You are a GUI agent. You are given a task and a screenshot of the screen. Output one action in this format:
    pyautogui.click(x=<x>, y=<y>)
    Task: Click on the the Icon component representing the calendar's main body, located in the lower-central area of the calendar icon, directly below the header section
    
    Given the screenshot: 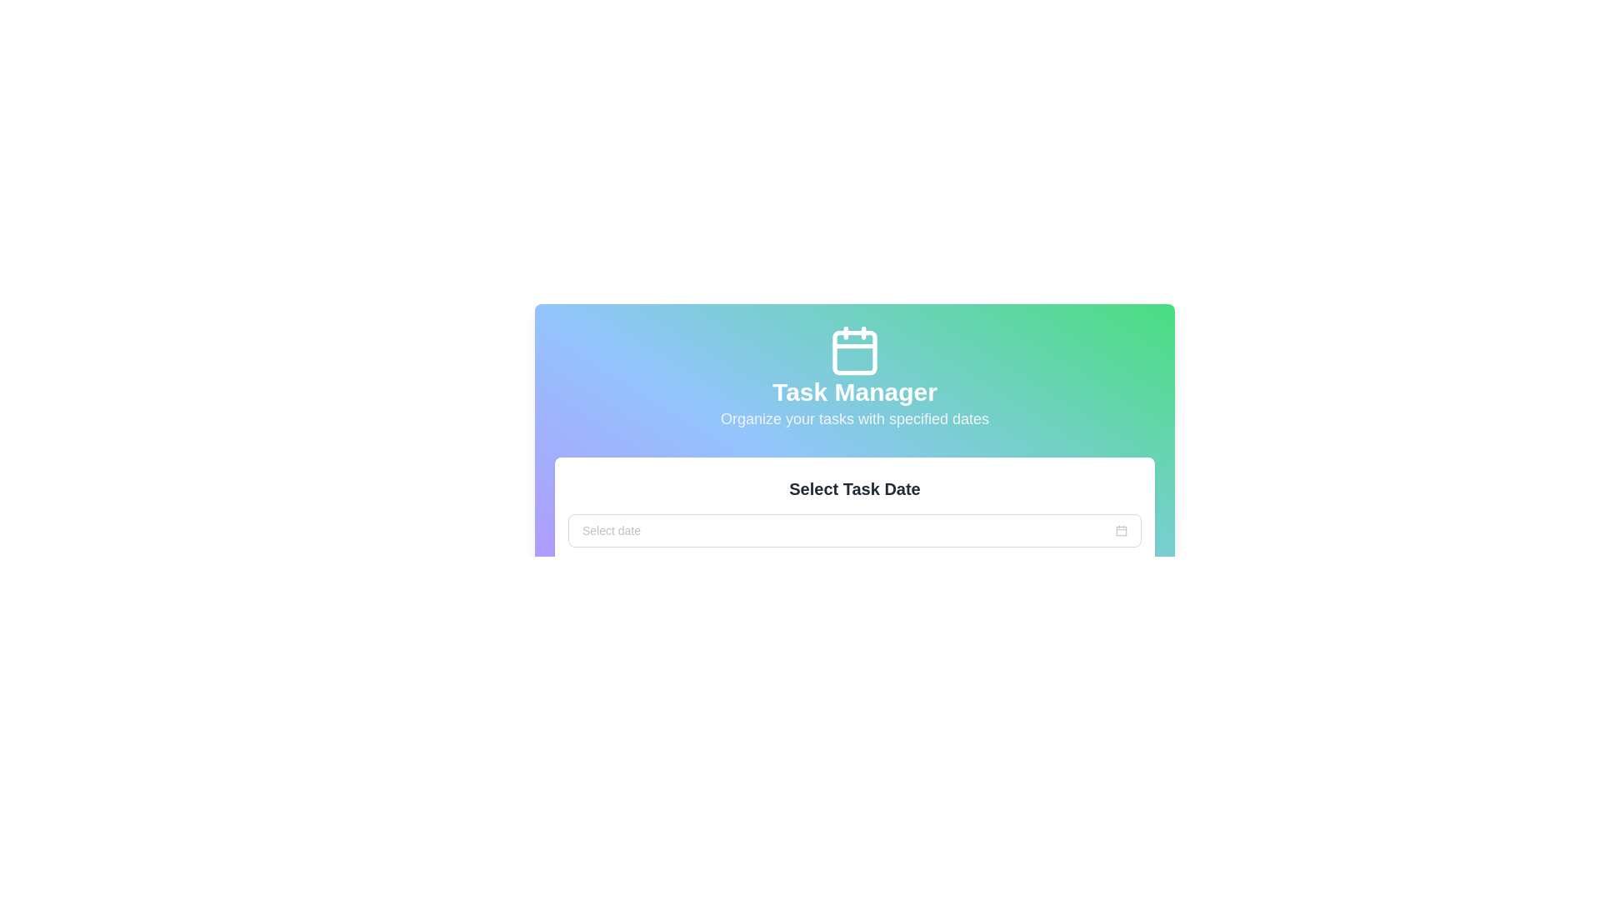 What is the action you would take?
    pyautogui.click(x=855, y=352)
    